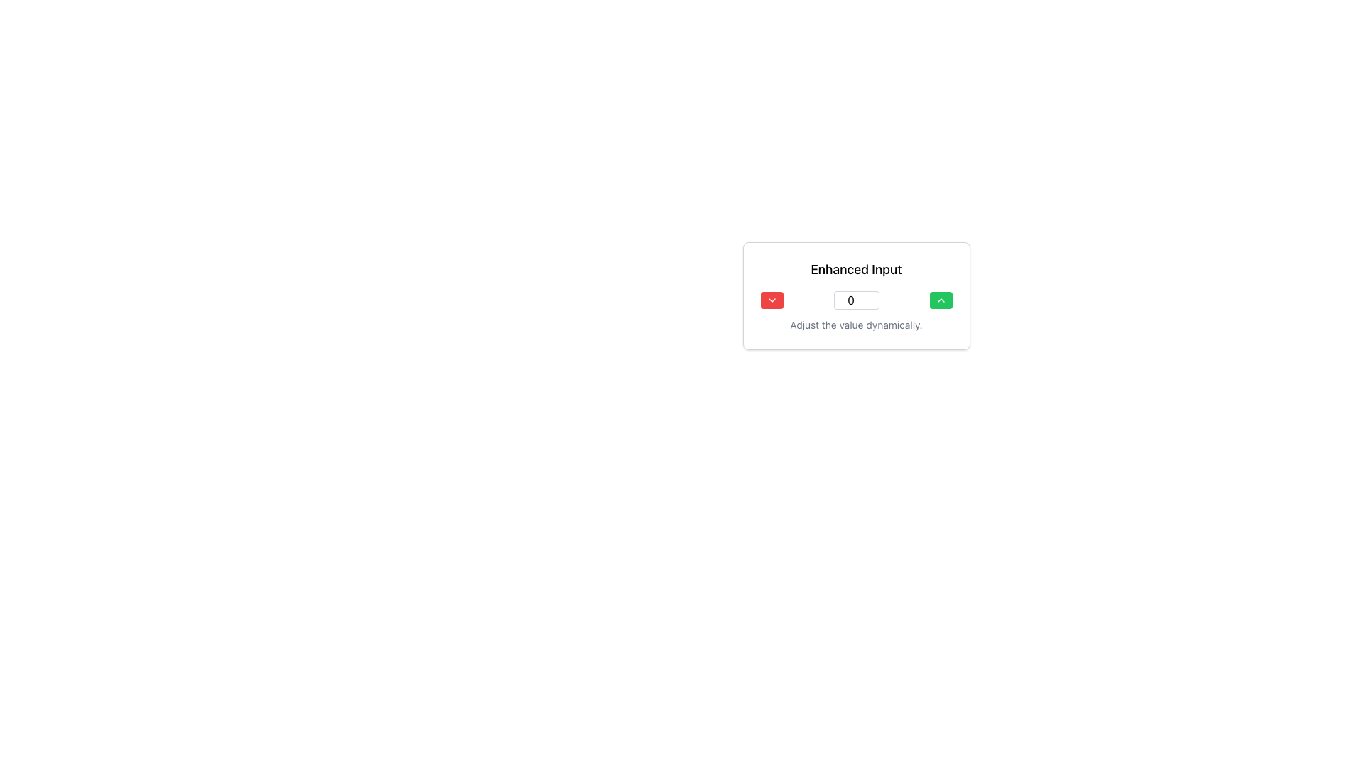 The height and width of the screenshot is (767, 1364). Describe the element at coordinates (941, 300) in the screenshot. I see `the chevron-shaped icon (upward arrow) located in the green rounded rectangular button on the far right of the interface` at that location.